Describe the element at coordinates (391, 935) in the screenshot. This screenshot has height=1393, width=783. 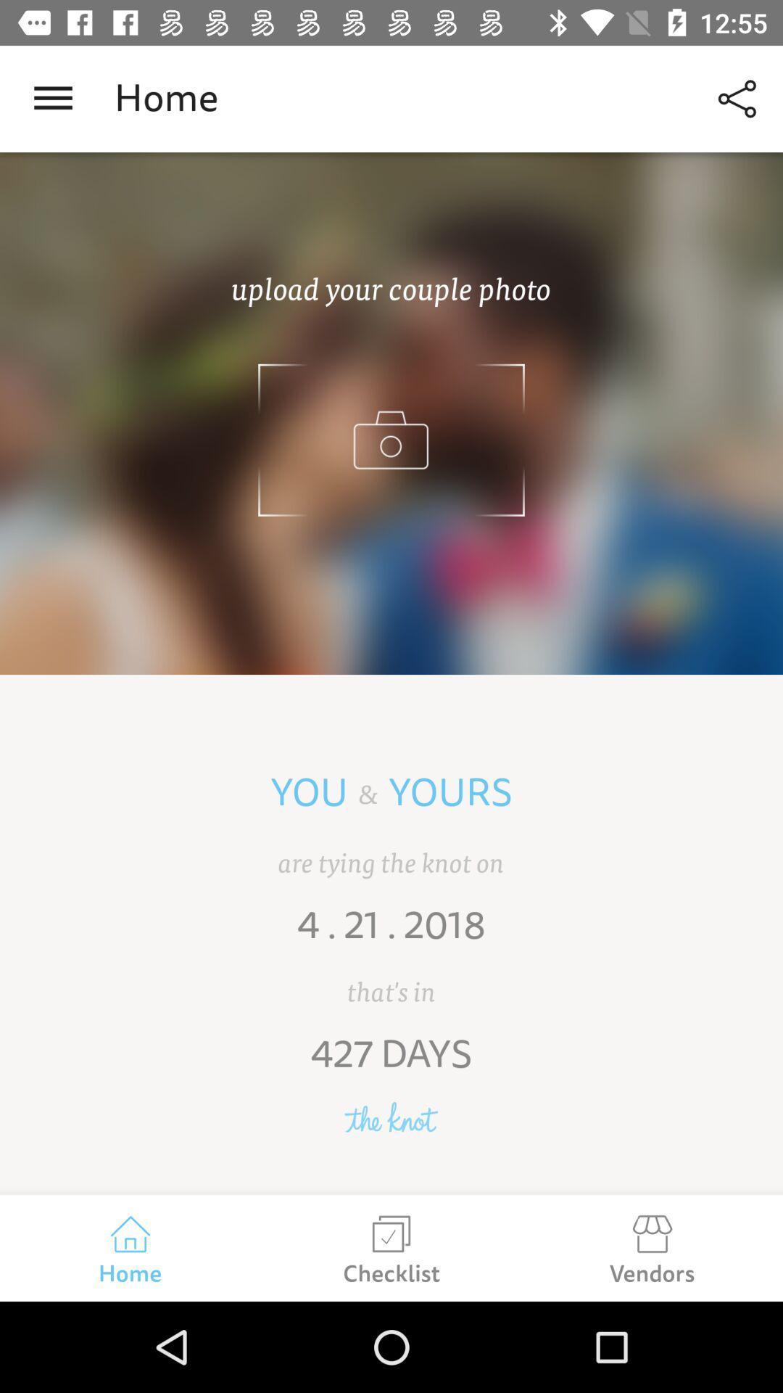
I see `item above the that's in` at that location.